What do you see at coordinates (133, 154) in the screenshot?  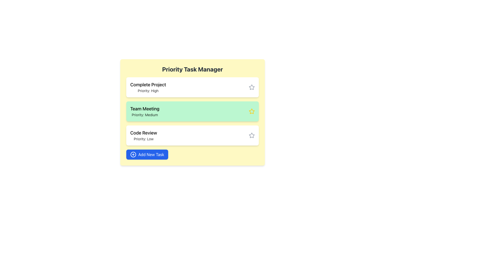 I see `the SVG Circle graphical element within the bottom-most blue button labeled 'Add New Task', which is part of an icon for task creation` at bounding box center [133, 154].